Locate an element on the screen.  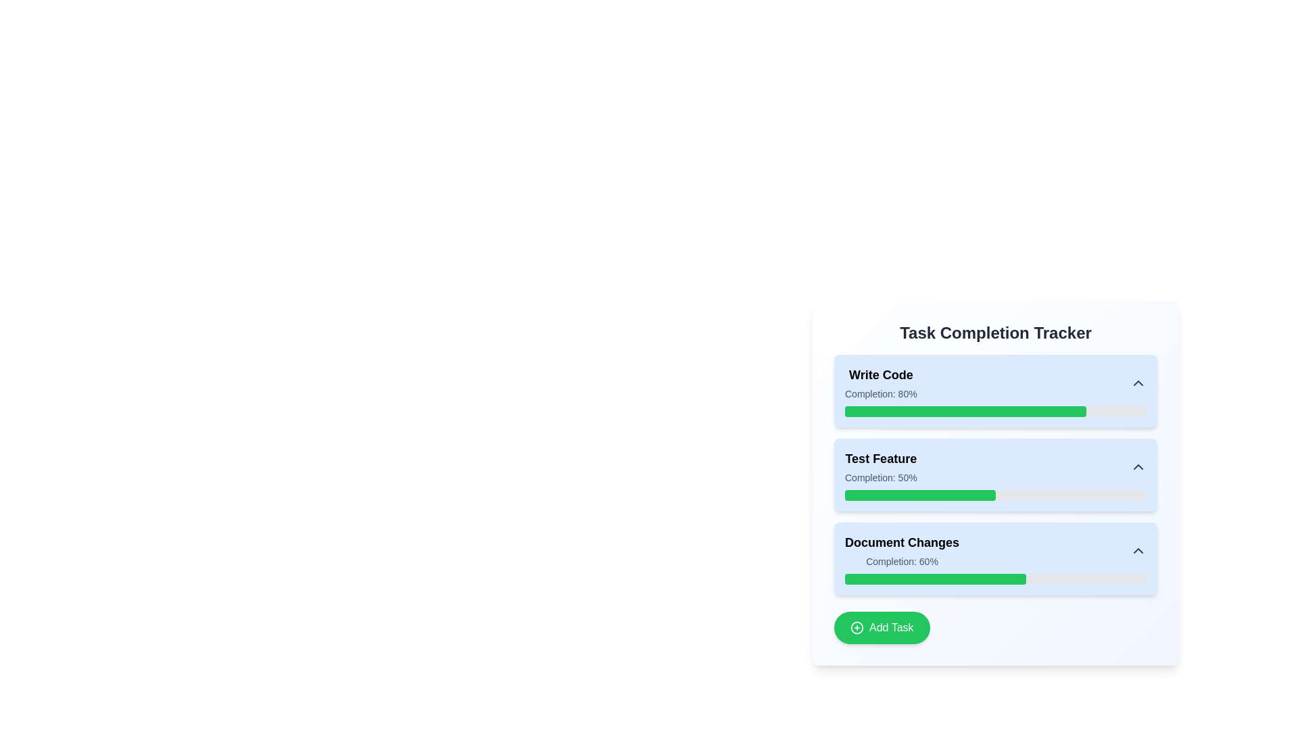
task summary header titled 'Document Changes' with a completion percentage of '60%' located in the blue box within the 'Task Completion Tracker' section is located at coordinates (996, 550).